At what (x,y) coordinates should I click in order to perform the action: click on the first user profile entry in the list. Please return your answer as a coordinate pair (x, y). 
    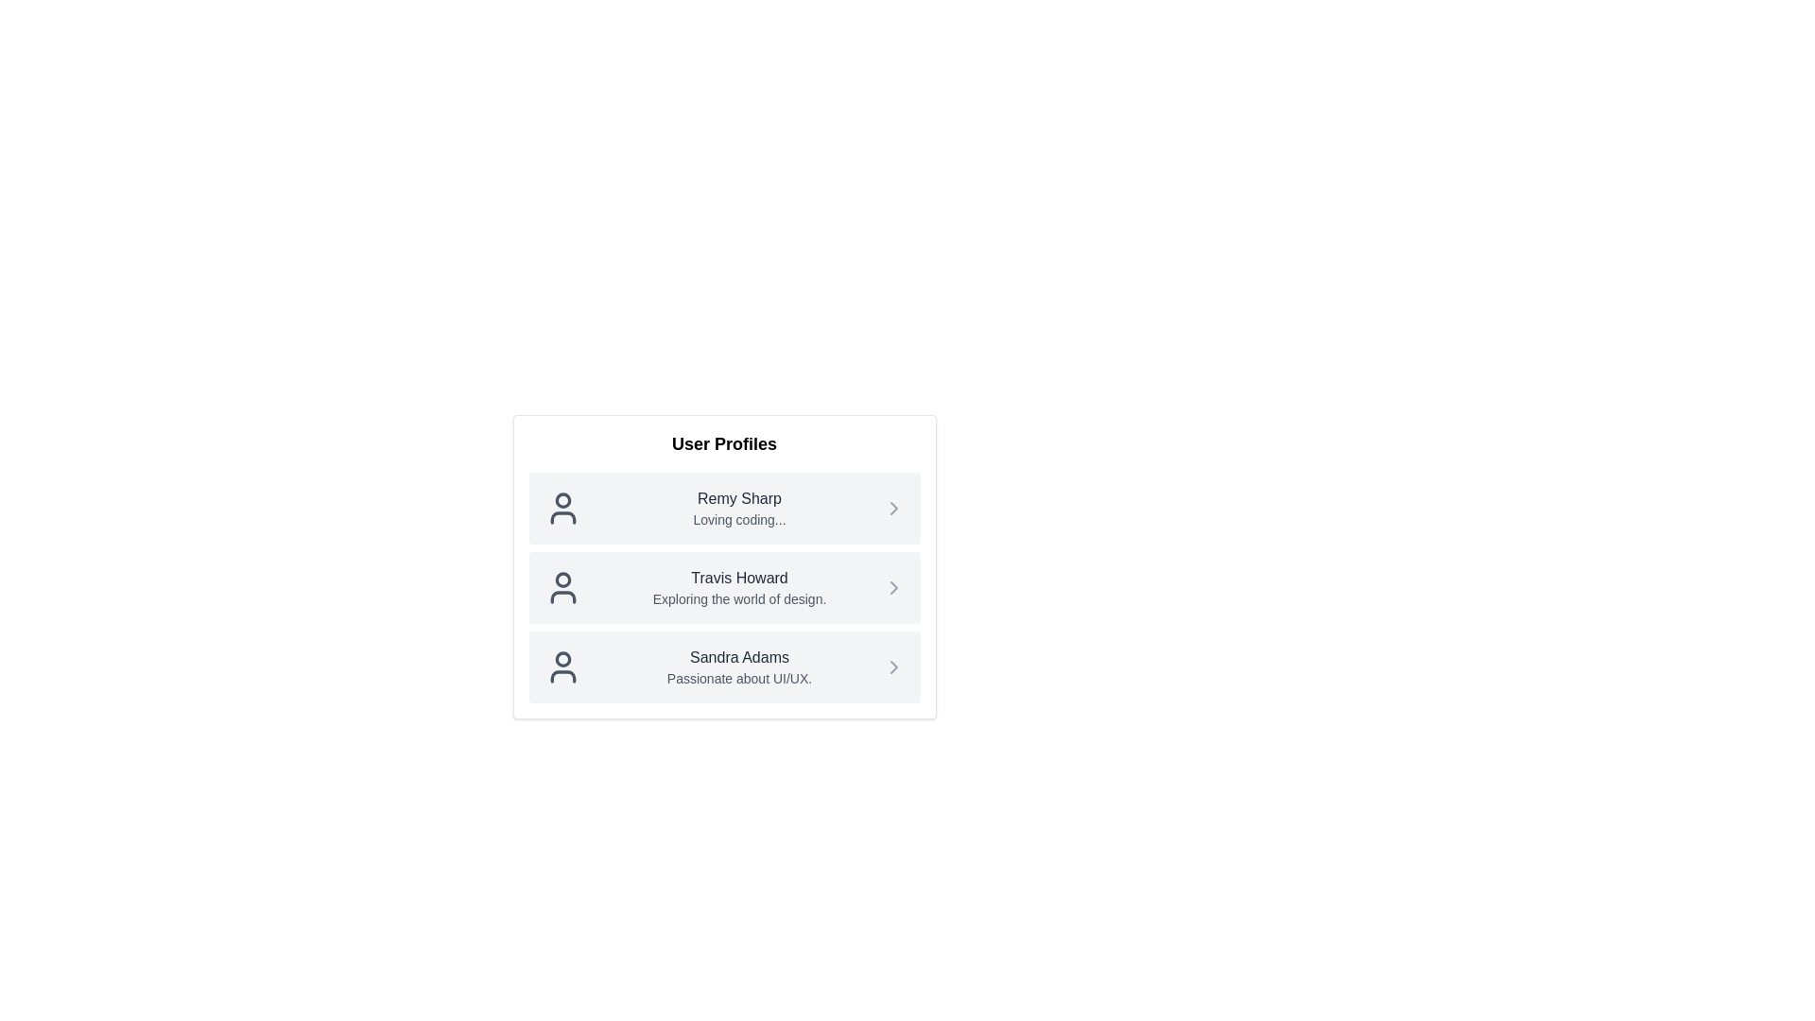
    Looking at the image, I should click on (723, 507).